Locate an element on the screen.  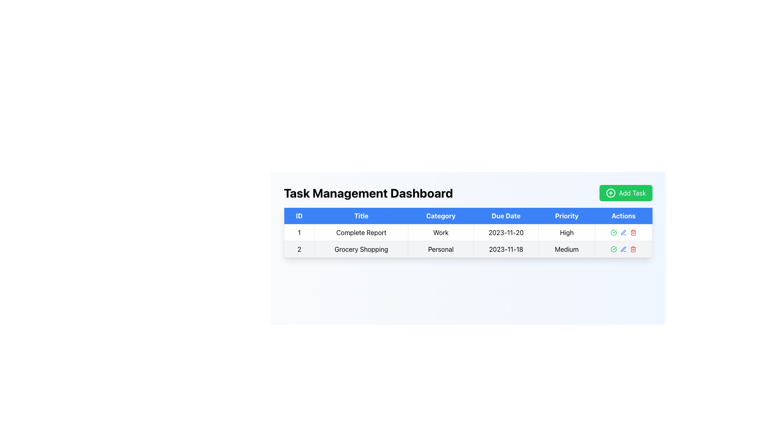
the edit icon in the 'Actions' cell of the second row of the table is located at coordinates (623, 249).